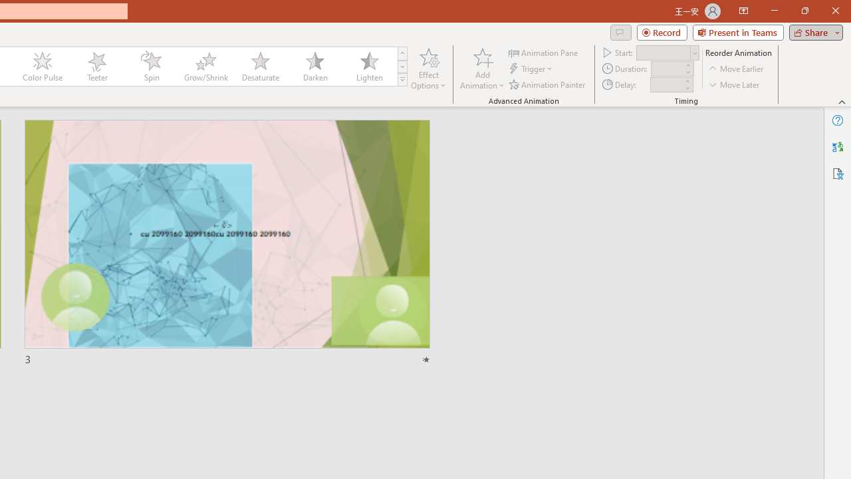 The height and width of the screenshot is (479, 851). I want to click on 'Row Down', so click(402, 67).